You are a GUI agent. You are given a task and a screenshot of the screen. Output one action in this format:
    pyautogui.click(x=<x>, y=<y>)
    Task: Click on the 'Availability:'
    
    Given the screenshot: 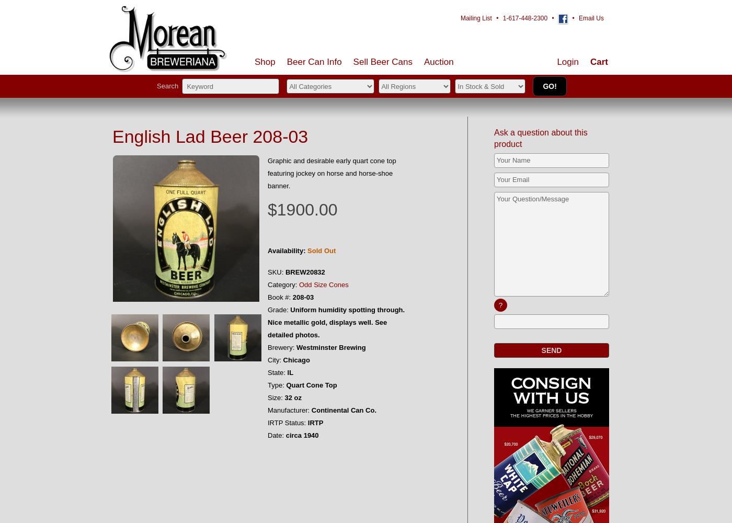 What is the action you would take?
    pyautogui.click(x=286, y=250)
    